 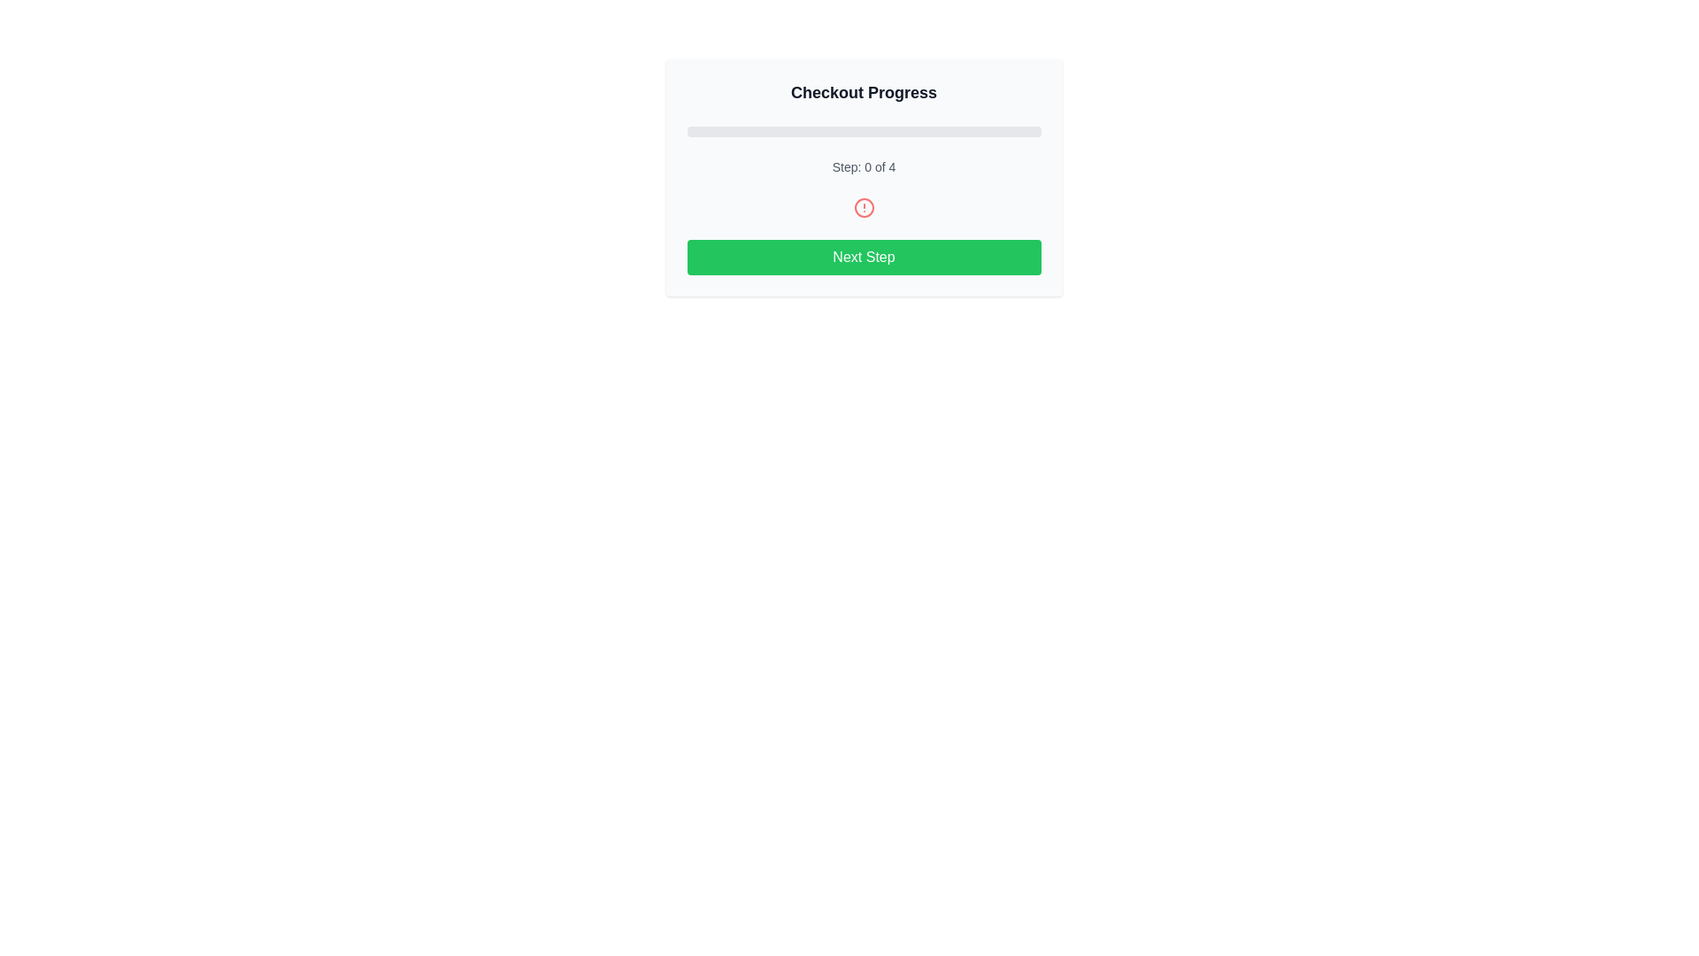 I want to click on the green rectangular button labeled 'Next Step' at the bottom of the checkout interface to proceed, so click(x=864, y=257).